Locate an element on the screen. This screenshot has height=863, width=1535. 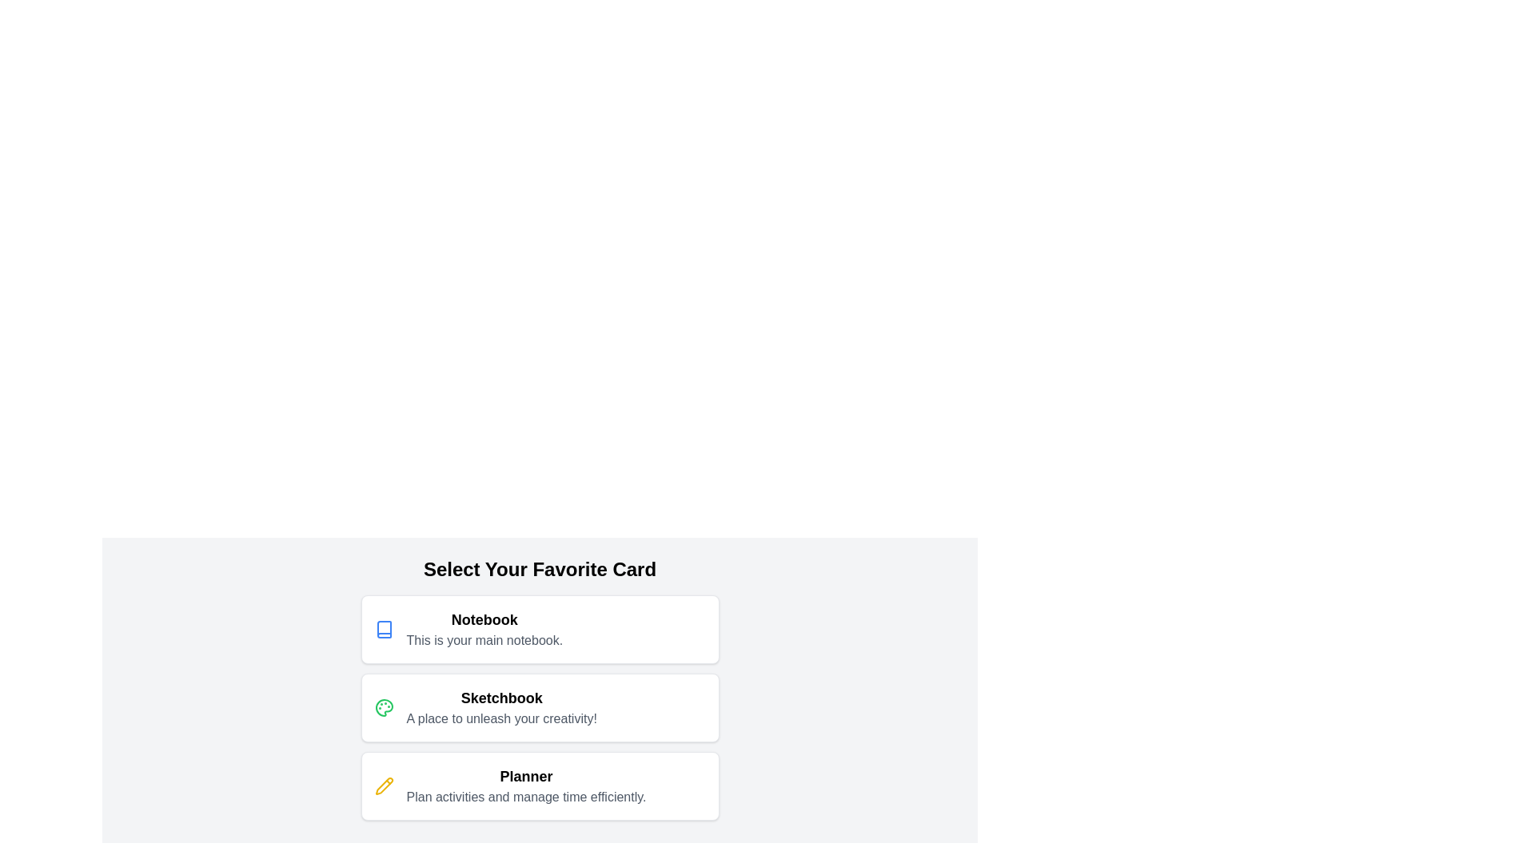
the 'Planner' feature card element, which is the third card in a vertical list of options for selecting features is located at coordinates (540, 785).